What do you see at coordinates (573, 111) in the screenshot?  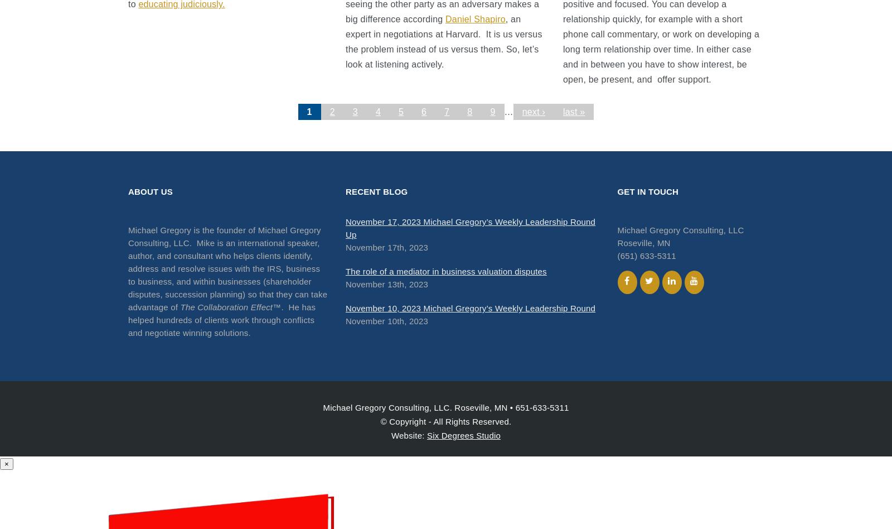 I see `'last »'` at bounding box center [573, 111].